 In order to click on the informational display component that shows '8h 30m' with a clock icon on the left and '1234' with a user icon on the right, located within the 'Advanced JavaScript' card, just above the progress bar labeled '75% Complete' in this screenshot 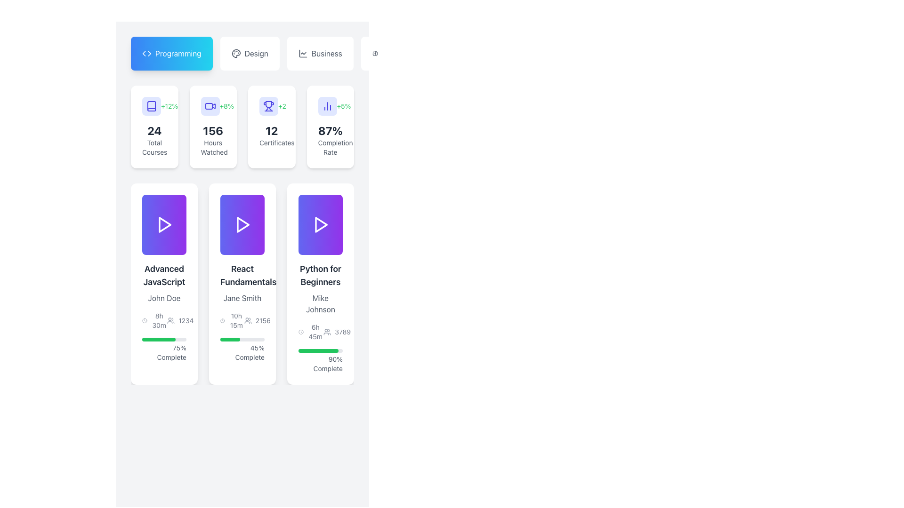, I will do `click(164, 320)`.